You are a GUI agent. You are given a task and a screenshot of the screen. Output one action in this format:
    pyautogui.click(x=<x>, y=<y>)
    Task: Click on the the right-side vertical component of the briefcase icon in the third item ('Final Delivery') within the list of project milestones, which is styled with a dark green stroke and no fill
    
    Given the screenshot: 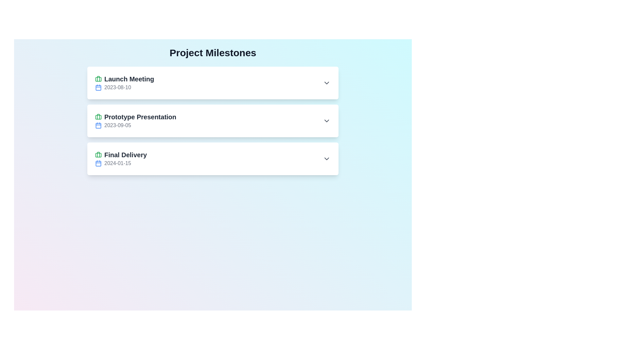 What is the action you would take?
    pyautogui.click(x=98, y=155)
    